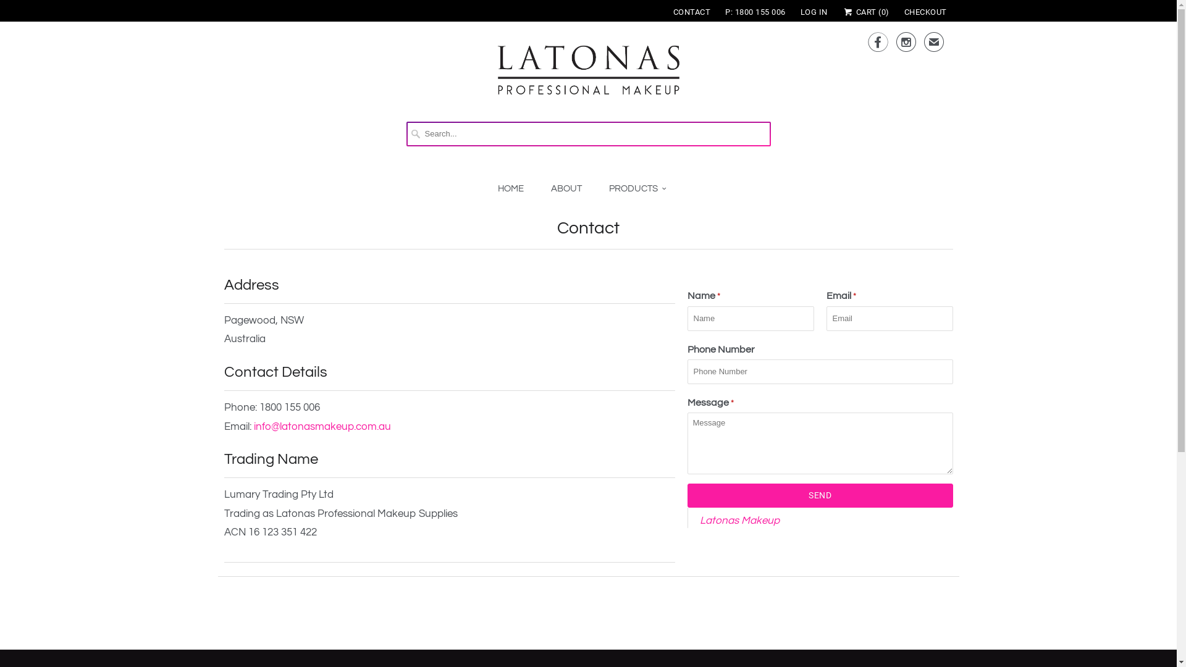 This screenshot has height=667, width=1186. Describe the element at coordinates (739, 521) in the screenshot. I see `'Latonas Makeup'` at that location.